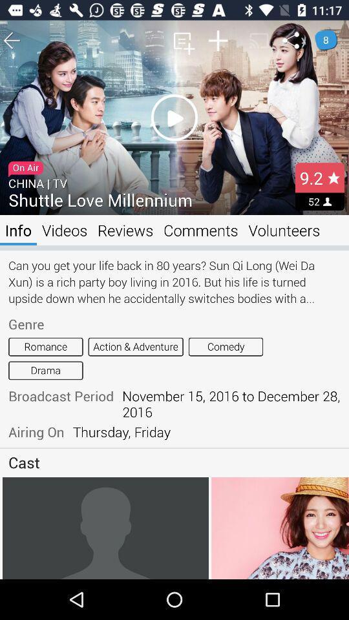 The height and width of the screenshot is (620, 349). Describe the element at coordinates (200, 230) in the screenshot. I see `icon to the left of the volunteers app` at that location.